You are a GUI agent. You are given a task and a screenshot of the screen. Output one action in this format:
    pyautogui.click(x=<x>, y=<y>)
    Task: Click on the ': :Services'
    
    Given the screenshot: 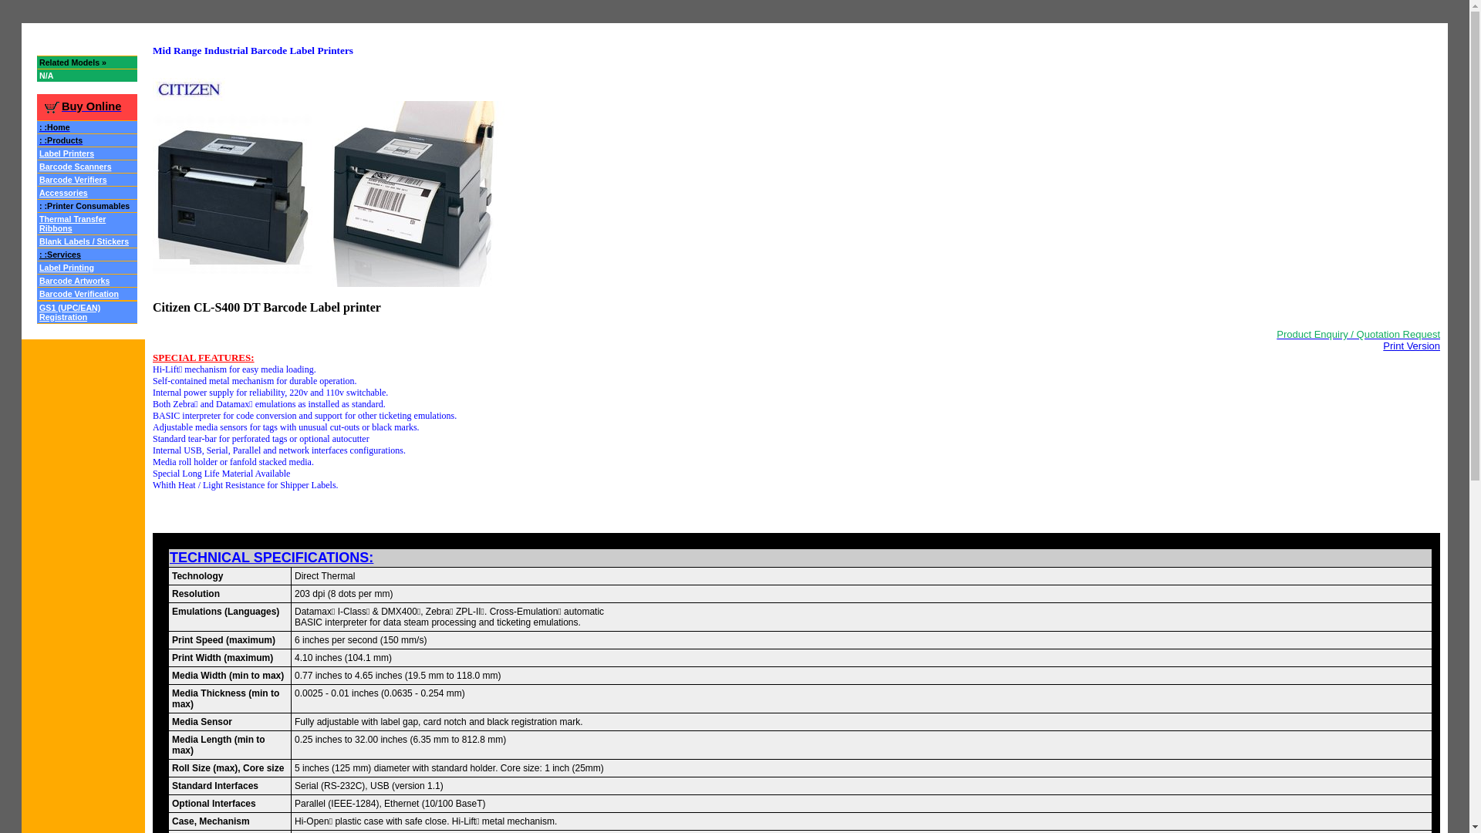 What is the action you would take?
    pyautogui.click(x=59, y=254)
    